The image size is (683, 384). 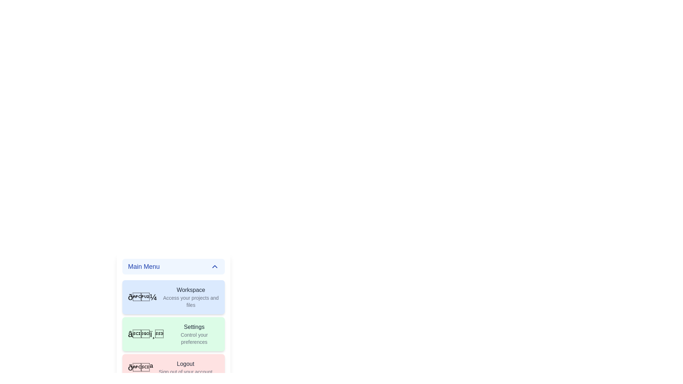 What do you see at coordinates (185, 367) in the screenshot?
I see `the 'Logout' button at the bottom of the menu, which has a bold 'Logout' text and a smaller 'Sign out of your account' text below it` at bounding box center [185, 367].